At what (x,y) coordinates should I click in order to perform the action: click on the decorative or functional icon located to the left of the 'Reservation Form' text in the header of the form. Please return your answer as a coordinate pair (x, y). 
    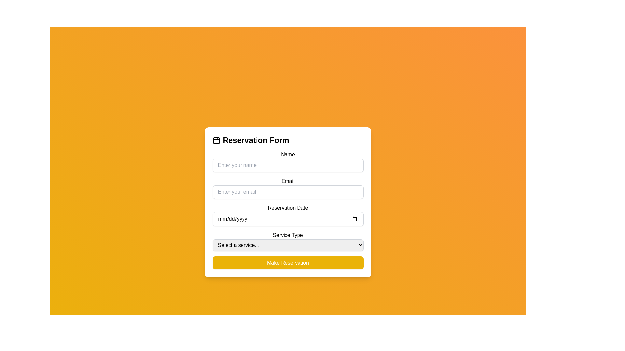
    Looking at the image, I should click on (216, 140).